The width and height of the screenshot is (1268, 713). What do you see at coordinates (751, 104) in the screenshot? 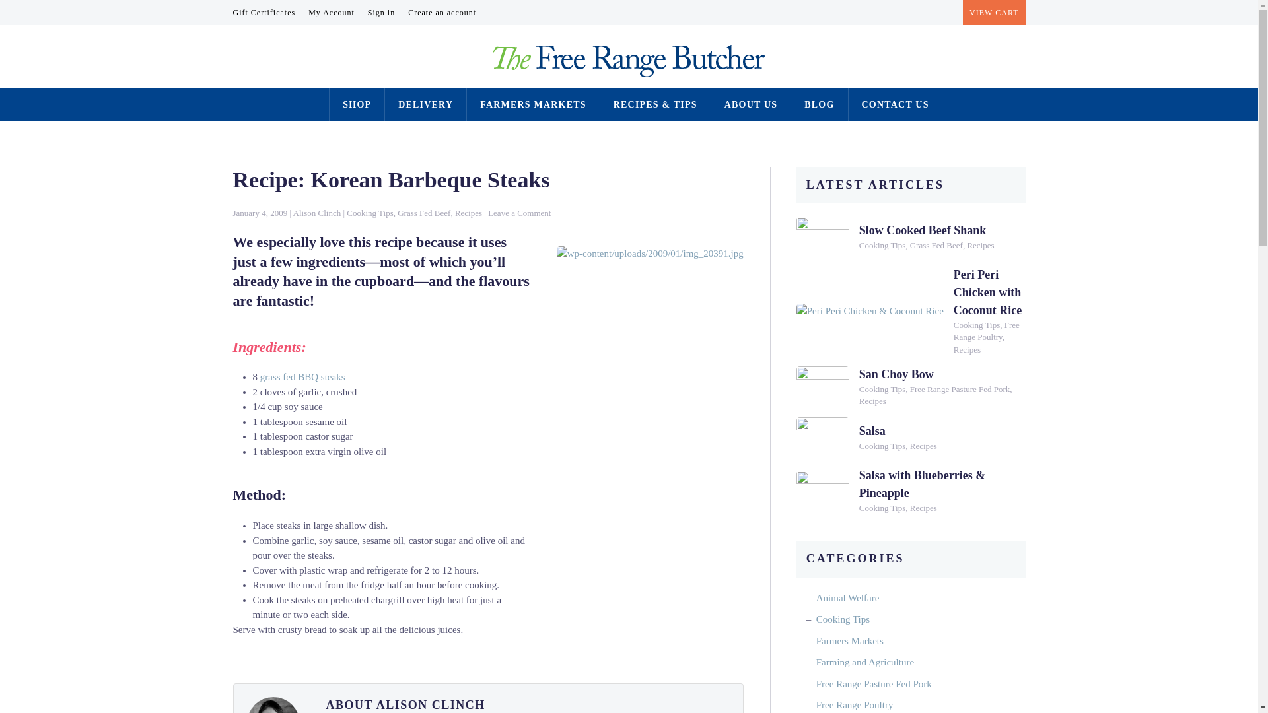
I see `'ABOUT US'` at bounding box center [751, 104].